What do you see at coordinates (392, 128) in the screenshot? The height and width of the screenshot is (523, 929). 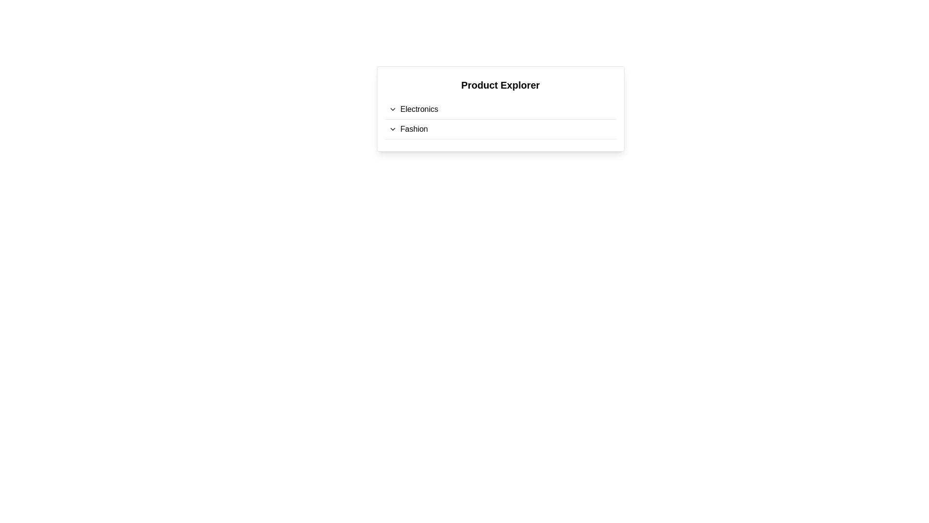 I see `the small, triangular, downward-pointing arrow icon located to the left of the 'Fashion' text in the 'Product Explorer' section` at bounding box center [392, 128].